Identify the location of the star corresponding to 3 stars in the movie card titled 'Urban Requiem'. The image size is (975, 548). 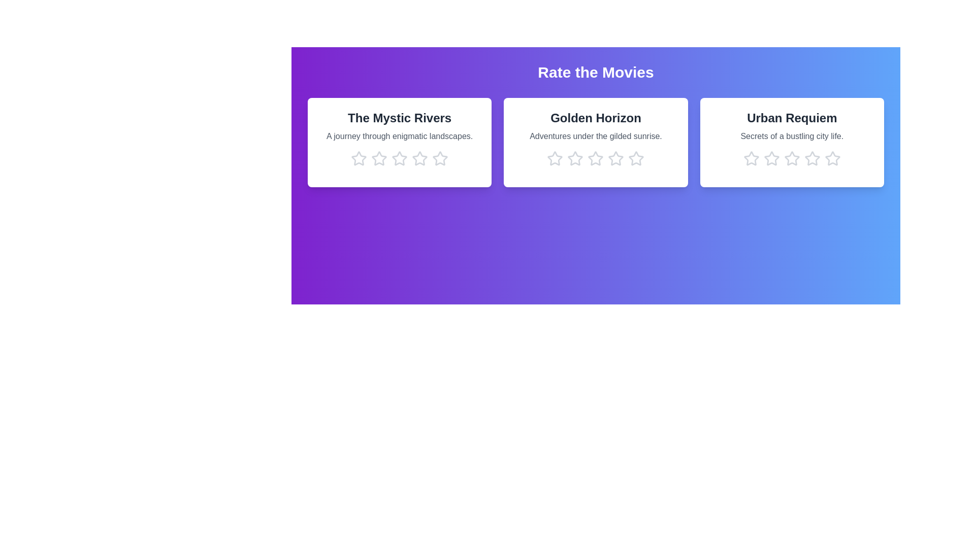
(791, 158).